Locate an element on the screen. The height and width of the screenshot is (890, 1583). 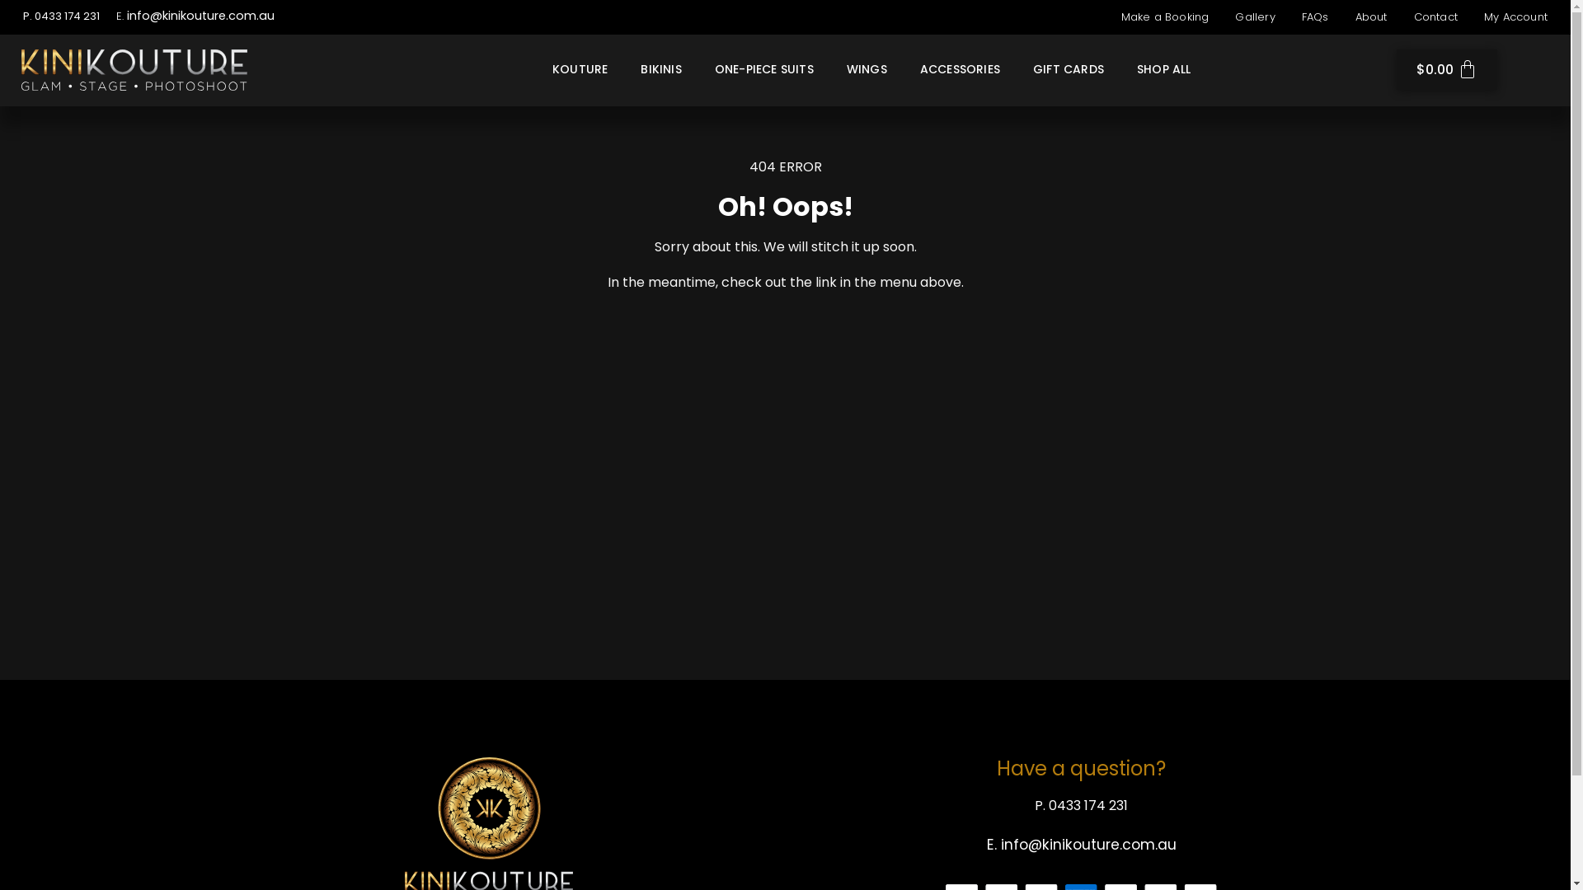
'FAQs' is located at coordinates (1290, 16).